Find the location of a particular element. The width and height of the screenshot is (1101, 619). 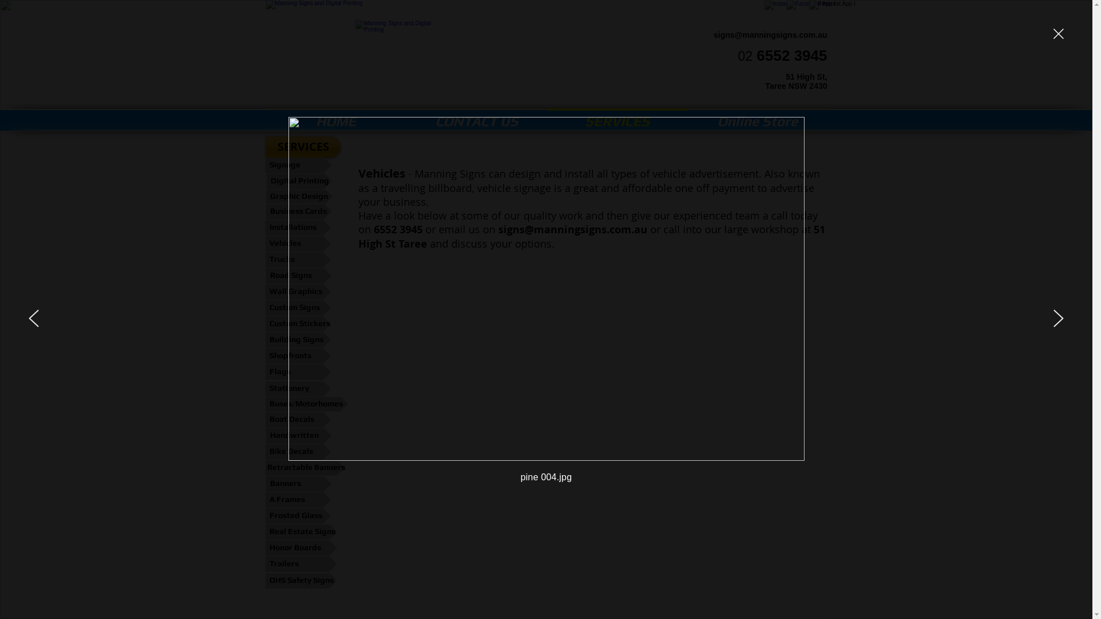

'Digital Printing' is located at coordinates (299, 181).